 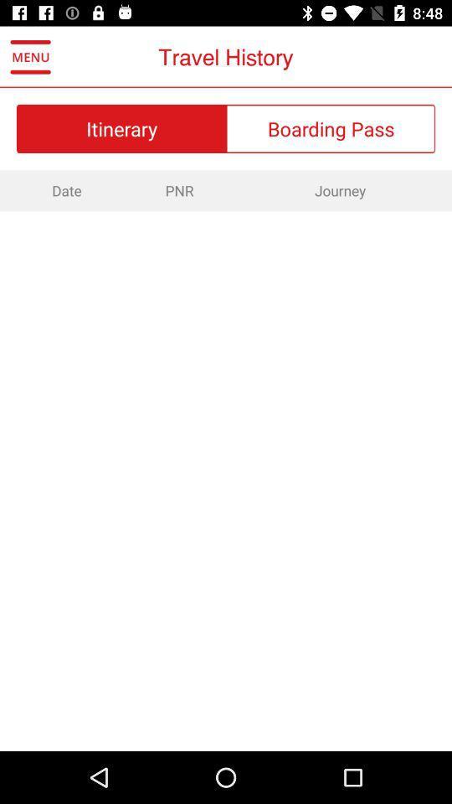 I want to click on the item next to the pnr item, so click(x=64, y=190).